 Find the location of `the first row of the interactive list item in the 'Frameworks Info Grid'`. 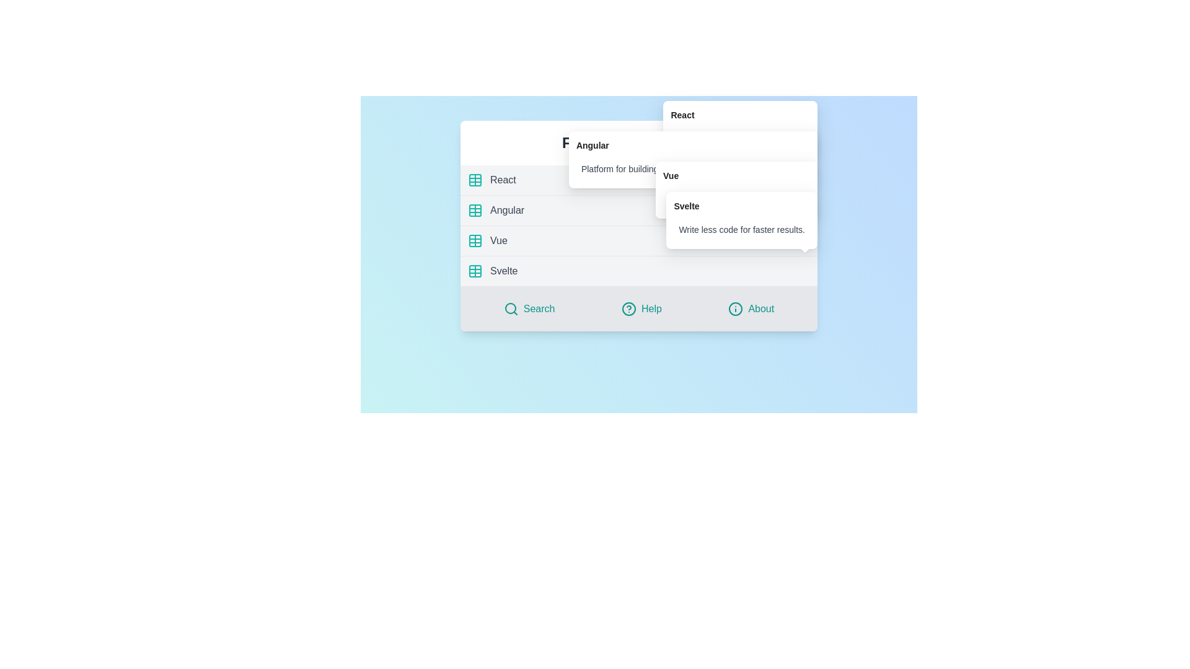

the first row of the interactive list item in the 'Frameworks Info Grid' is located at coordinates (639, 180).